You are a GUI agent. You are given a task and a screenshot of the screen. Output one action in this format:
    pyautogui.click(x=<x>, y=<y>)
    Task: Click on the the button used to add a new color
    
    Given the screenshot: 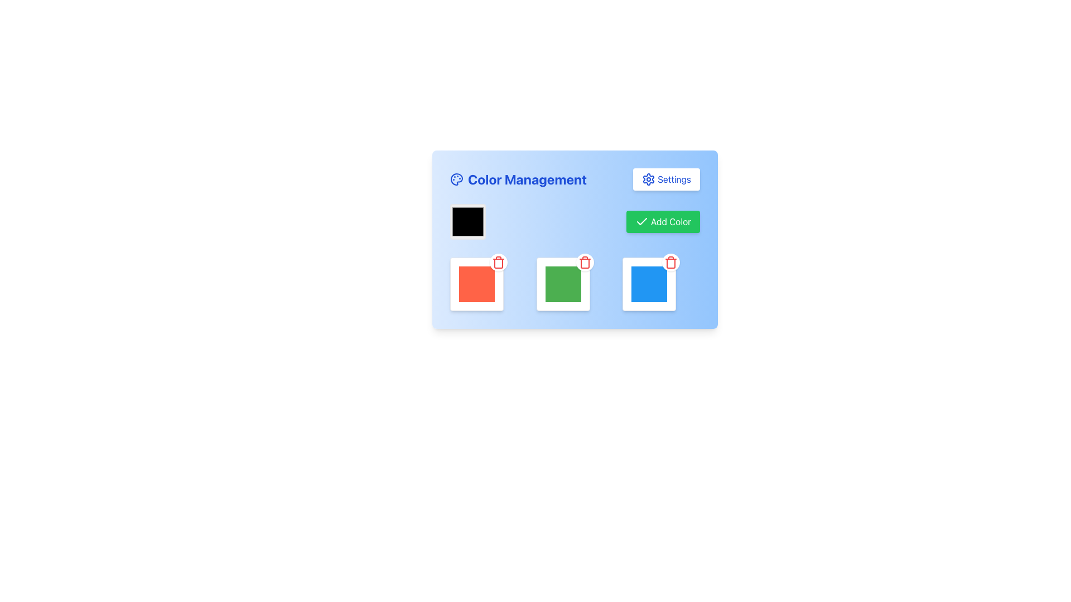 What is the action you would take?
    pyautogui.click(x=663, y=221)
    